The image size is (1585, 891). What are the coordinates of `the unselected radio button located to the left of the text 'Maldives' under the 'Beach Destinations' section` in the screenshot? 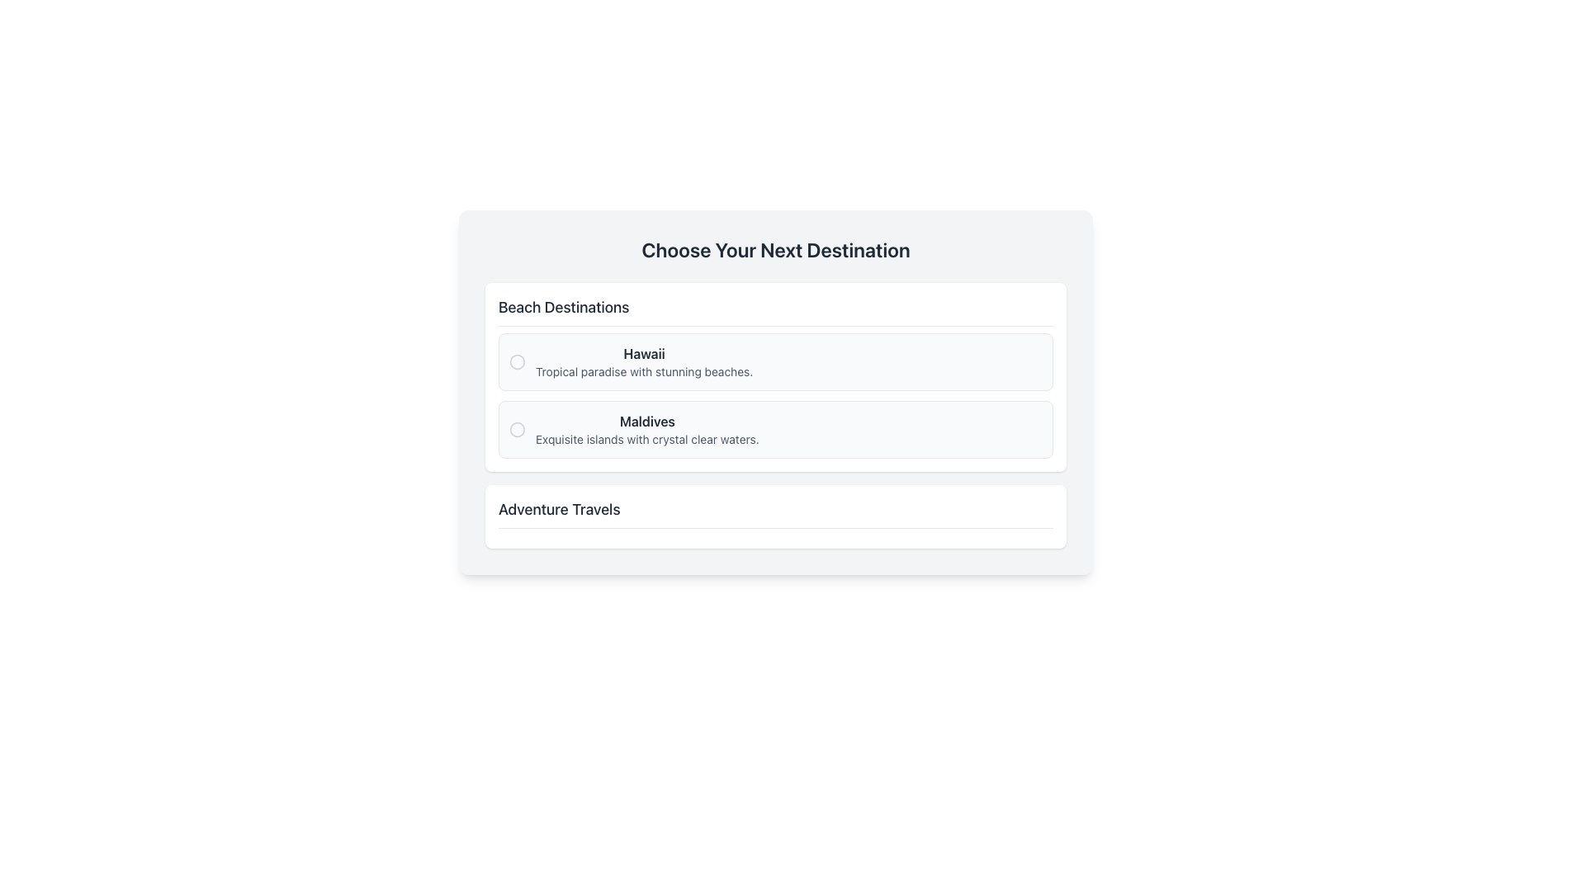 It's located at (517, 428).